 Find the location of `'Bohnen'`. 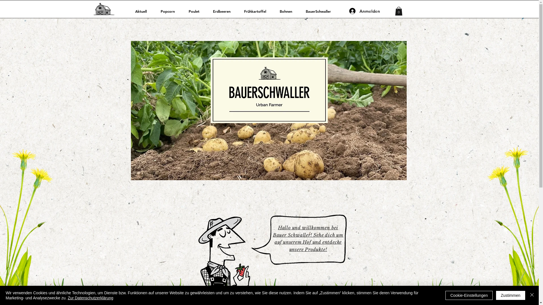

'Bohnen' is located at coordinates (288, 11).